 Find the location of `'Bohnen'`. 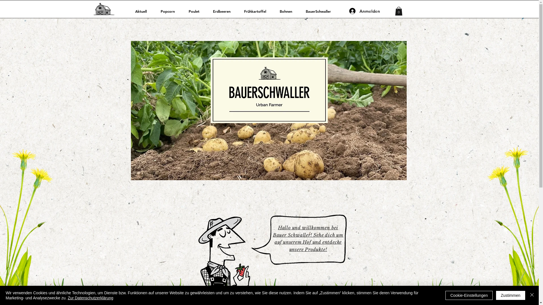

'Bohnen' is located at coordinates (288, 11).